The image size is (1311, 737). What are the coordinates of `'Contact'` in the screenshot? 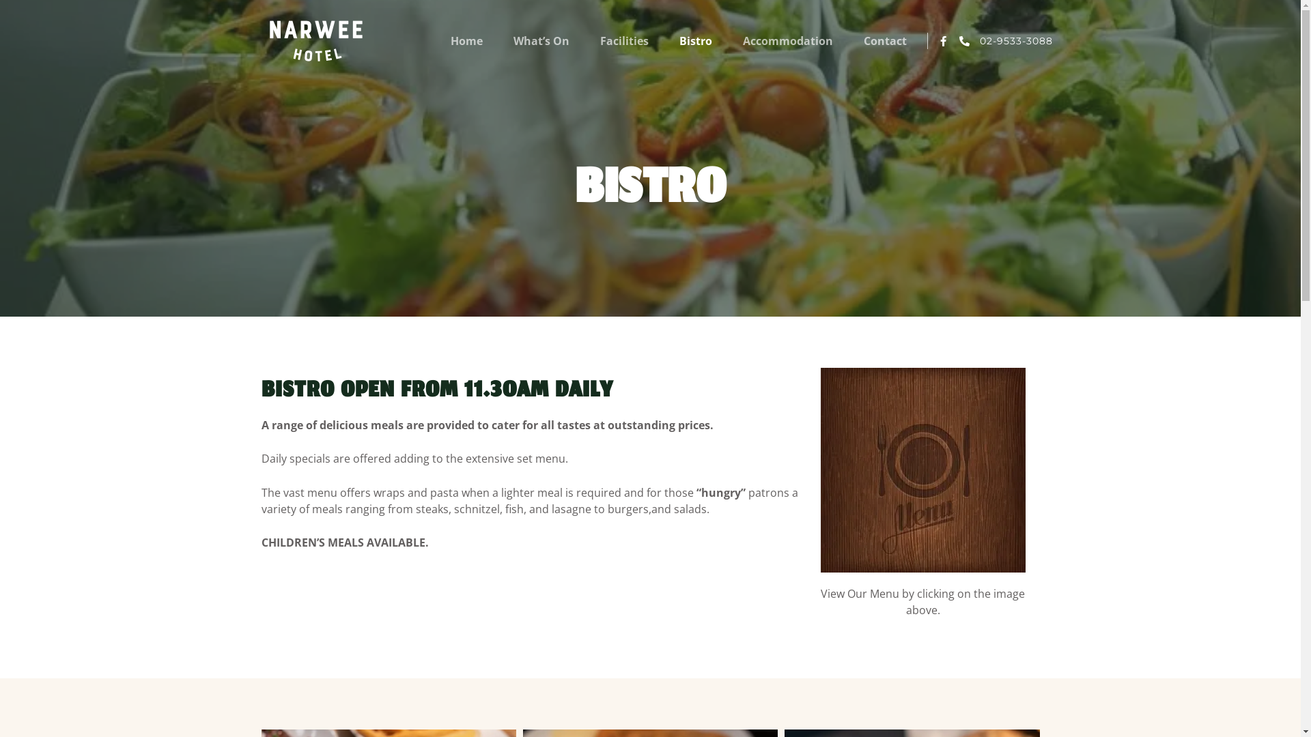 It's located at (863, 40).